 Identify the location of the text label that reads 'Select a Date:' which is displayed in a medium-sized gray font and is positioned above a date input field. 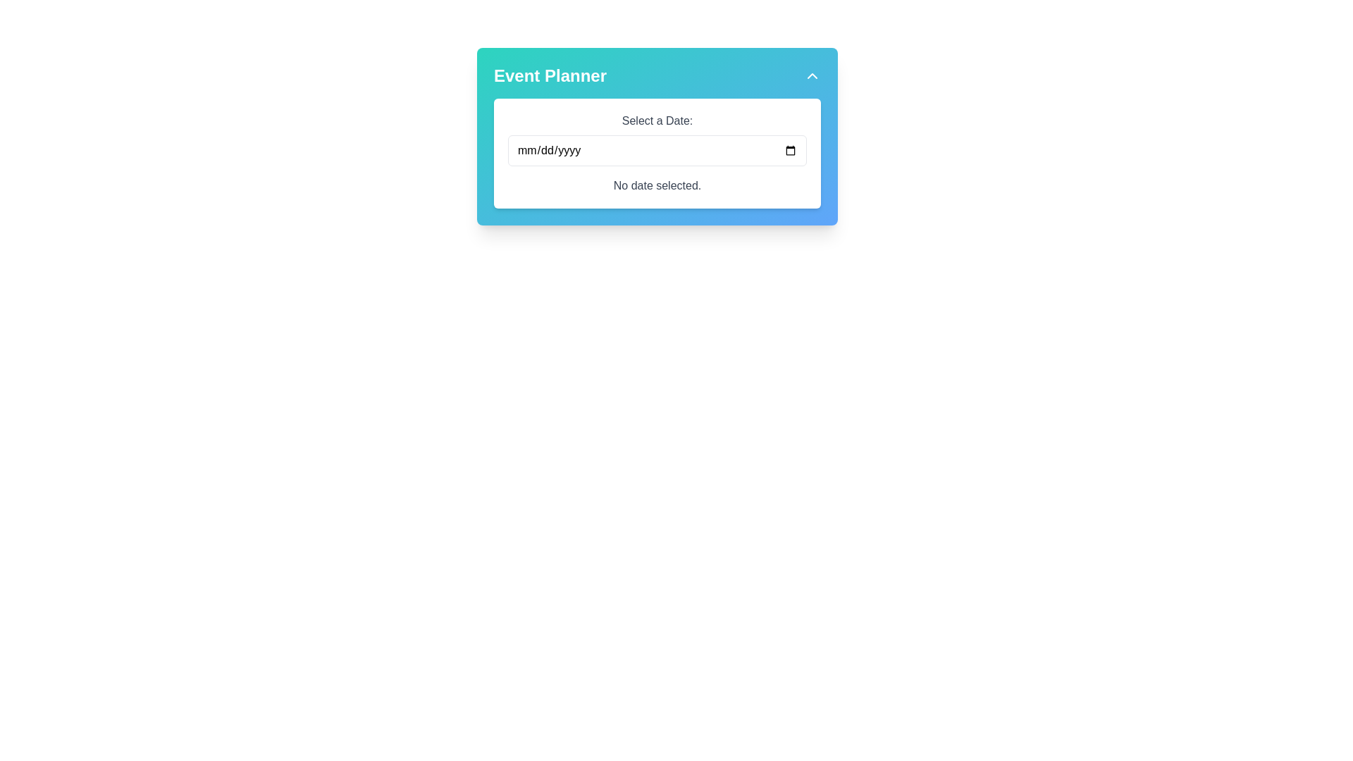
(656, 120).